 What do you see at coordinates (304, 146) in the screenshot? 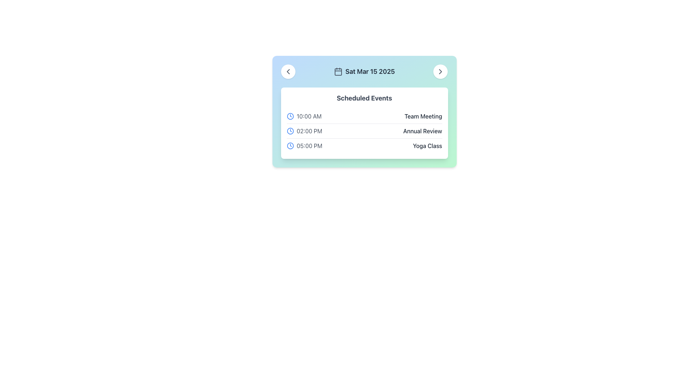
I see `the Text Label that denotes the time of the scheduled 'Yoga Class' event` at bounding box center [304, 146].